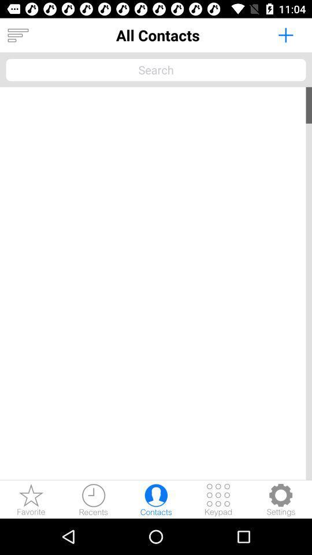 This screenshot has width=312, height=555. What do you see at coordinates (285, 34) in the screenshot?
I see `the add icon` at bounding box center [285, 34].